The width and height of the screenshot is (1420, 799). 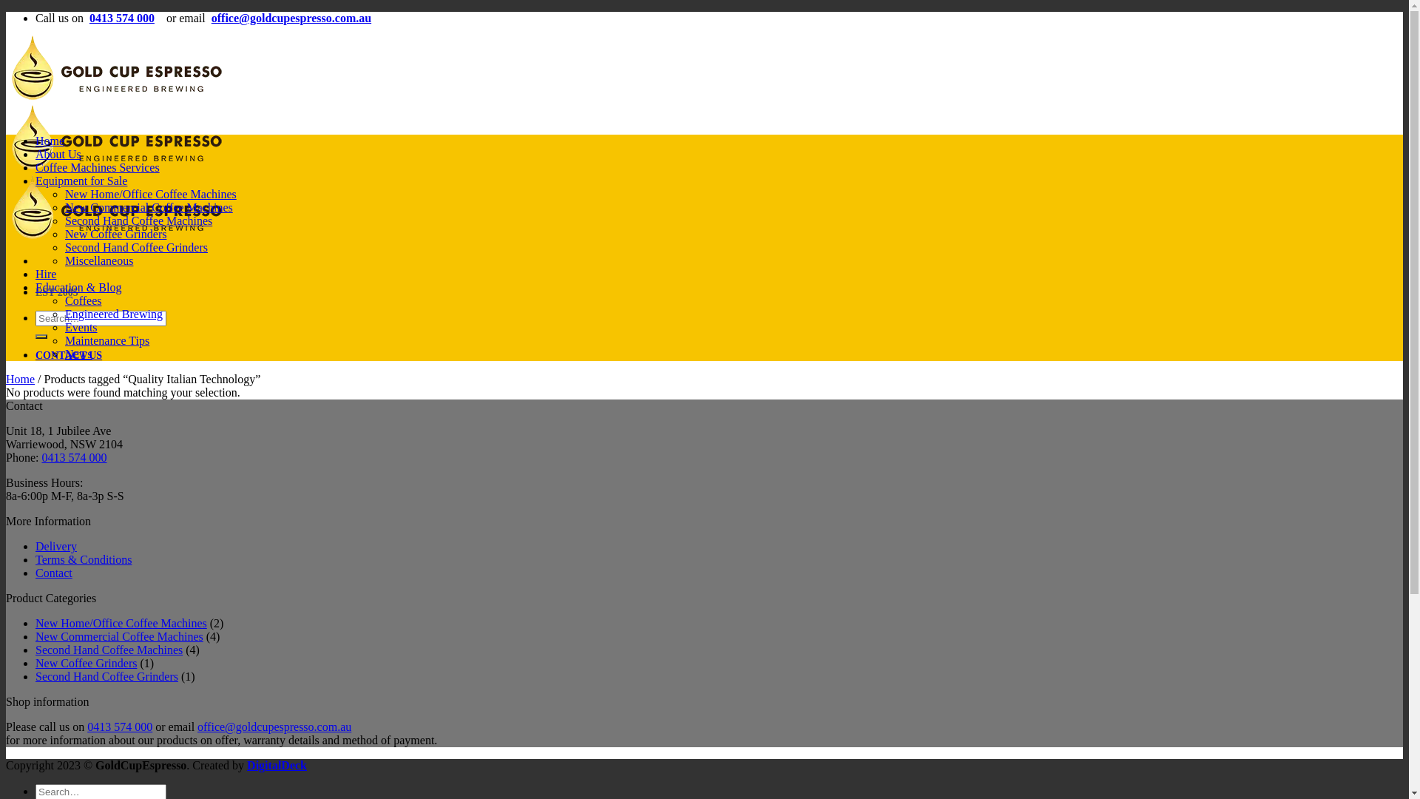 I want to click on 'Engineered Brewing', so click(x=112, y=313).